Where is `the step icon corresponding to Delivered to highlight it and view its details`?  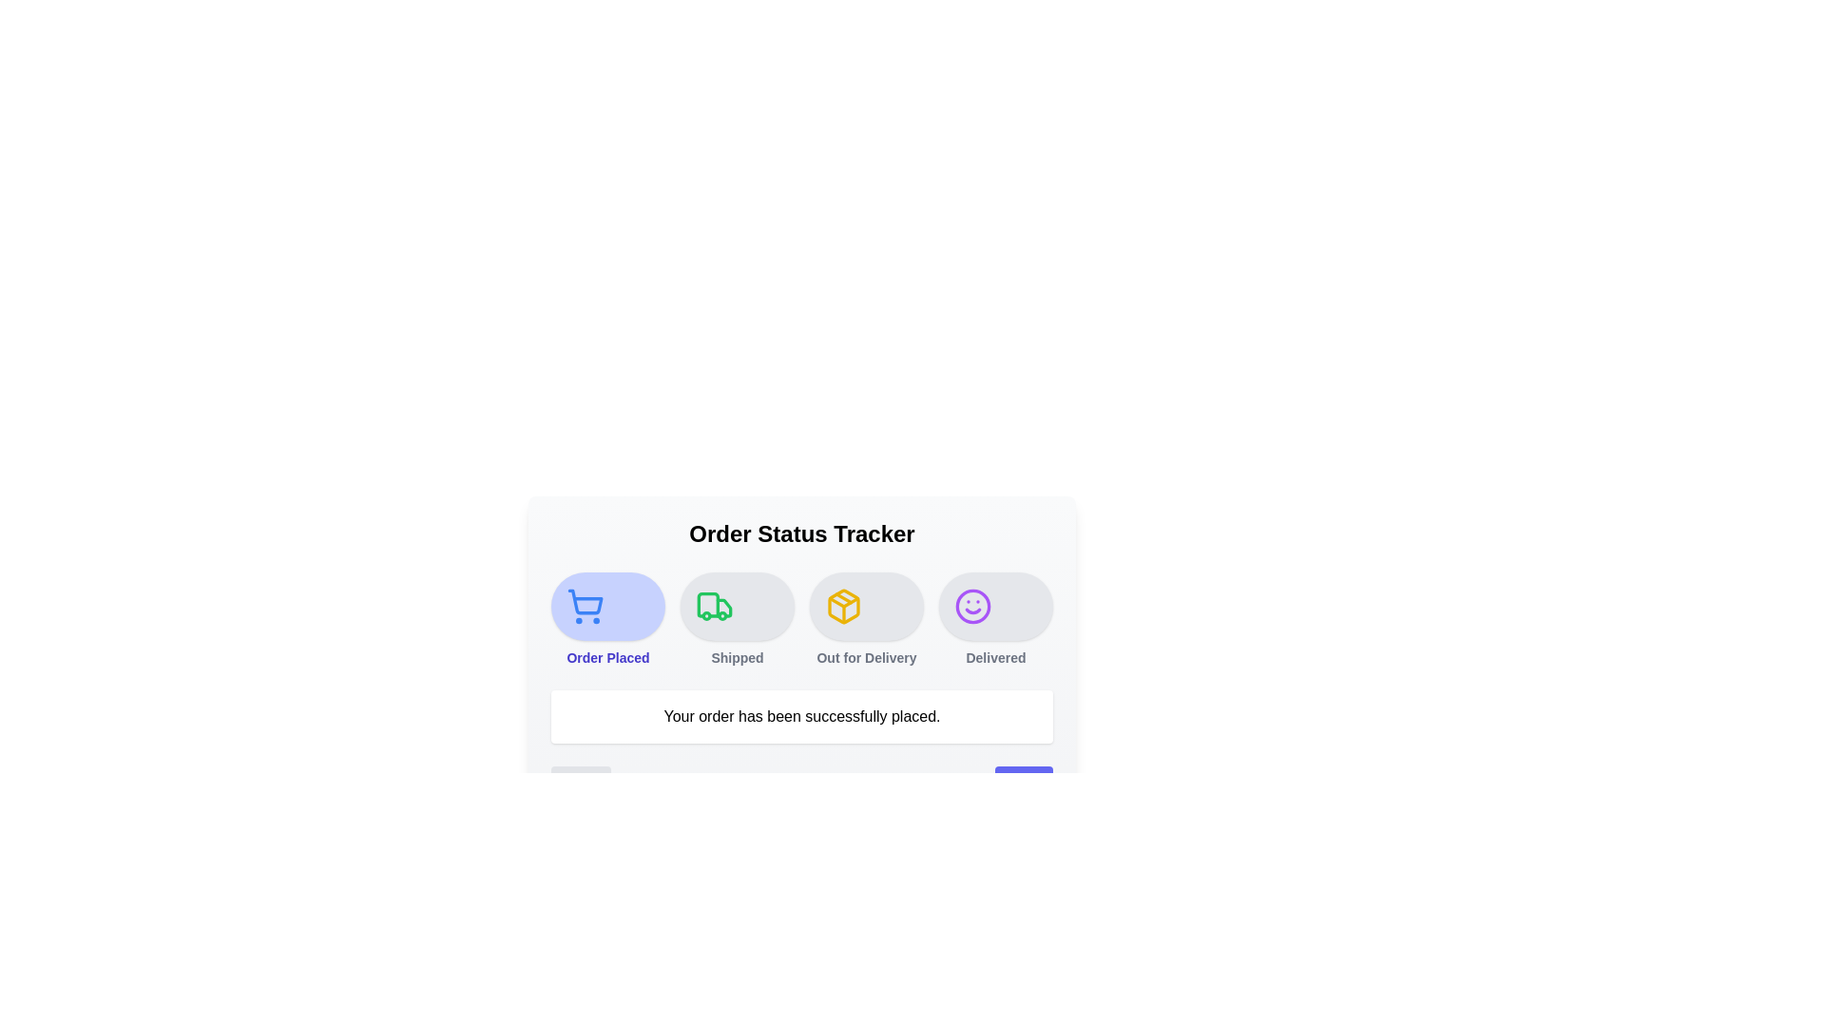
the step icon corresponding to Delivered to highlight it and view its details is located at coordinates (994, 606).